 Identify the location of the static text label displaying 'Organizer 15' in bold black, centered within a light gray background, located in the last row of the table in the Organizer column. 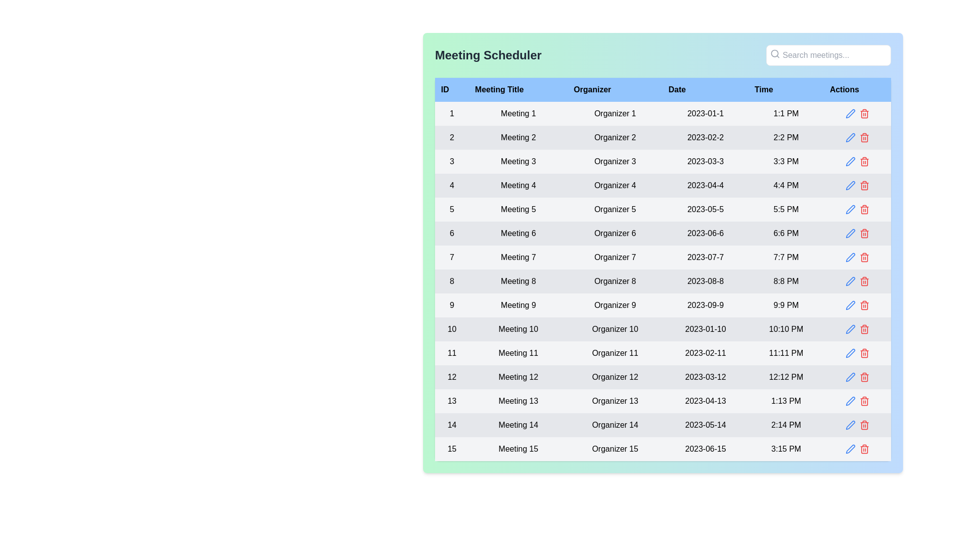
(614, 448).